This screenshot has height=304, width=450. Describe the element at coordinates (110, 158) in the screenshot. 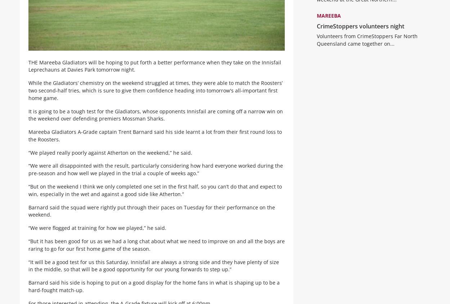

I see `'“We played really poorly against Atherton on the weekend,” he said.'` at that location.